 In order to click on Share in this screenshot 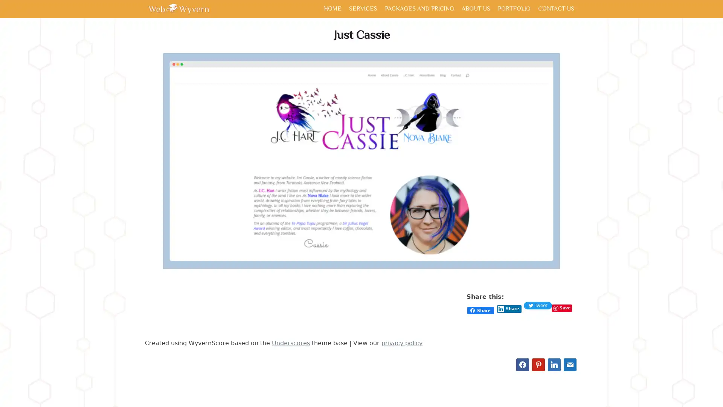, I will do `click(509, 309)`.